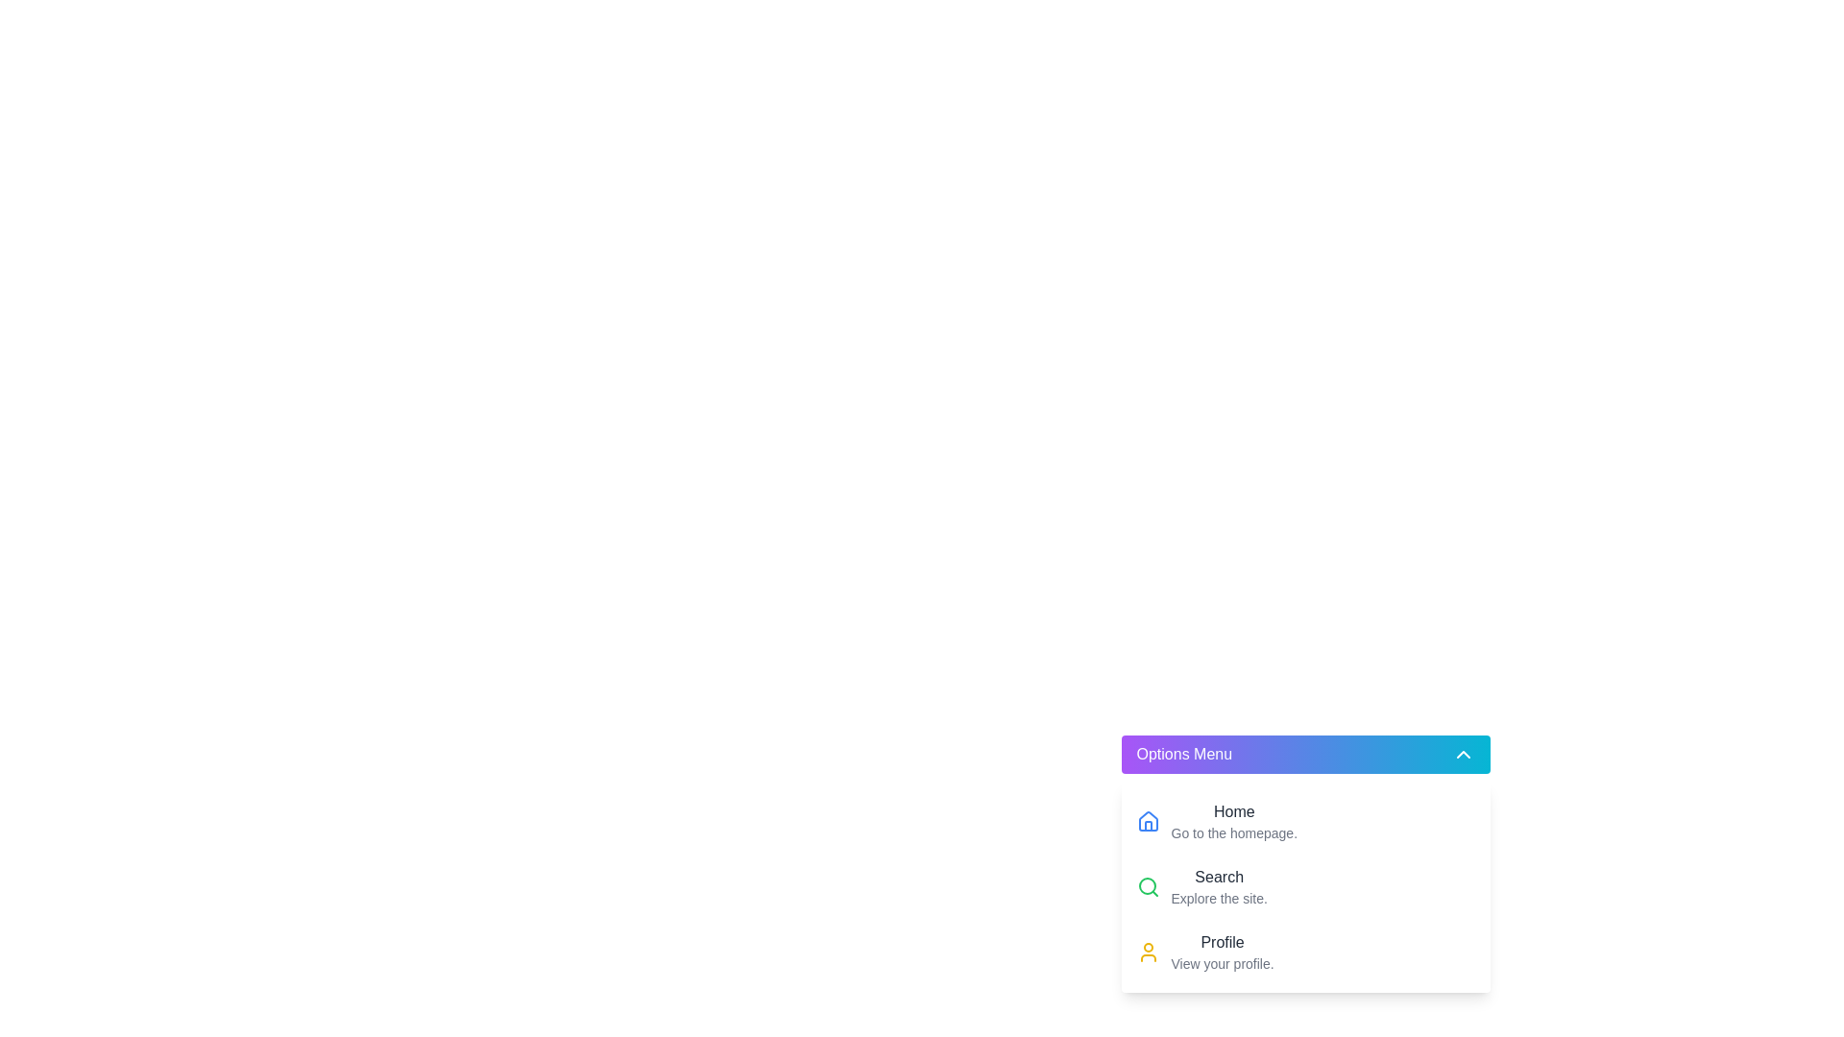 The height and width of the screenshot is (1037, 1844). I want to click on the blue house-shaped icon located in the Options Menu under the 'Home' label, next to the red house icon, so click(1148, 821).